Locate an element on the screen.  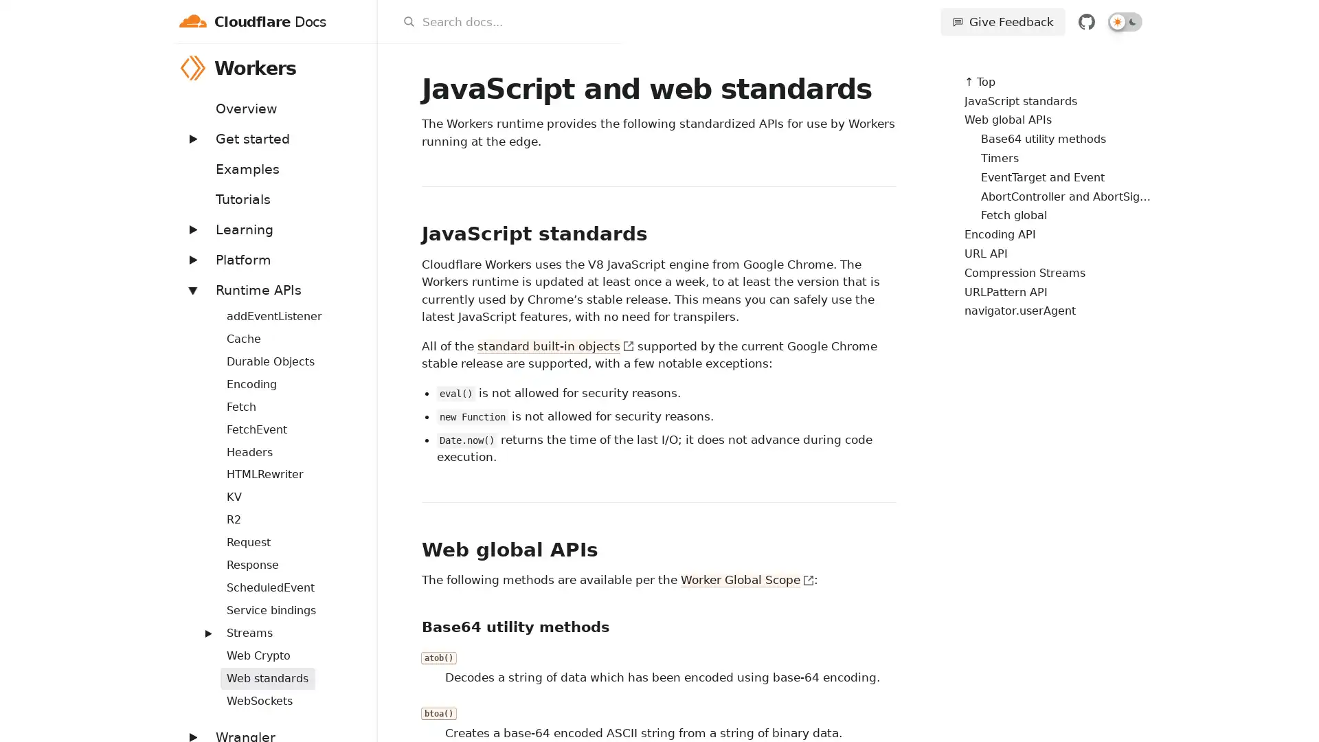
Expand: Workers Sites is located at coordinates (200, 625).